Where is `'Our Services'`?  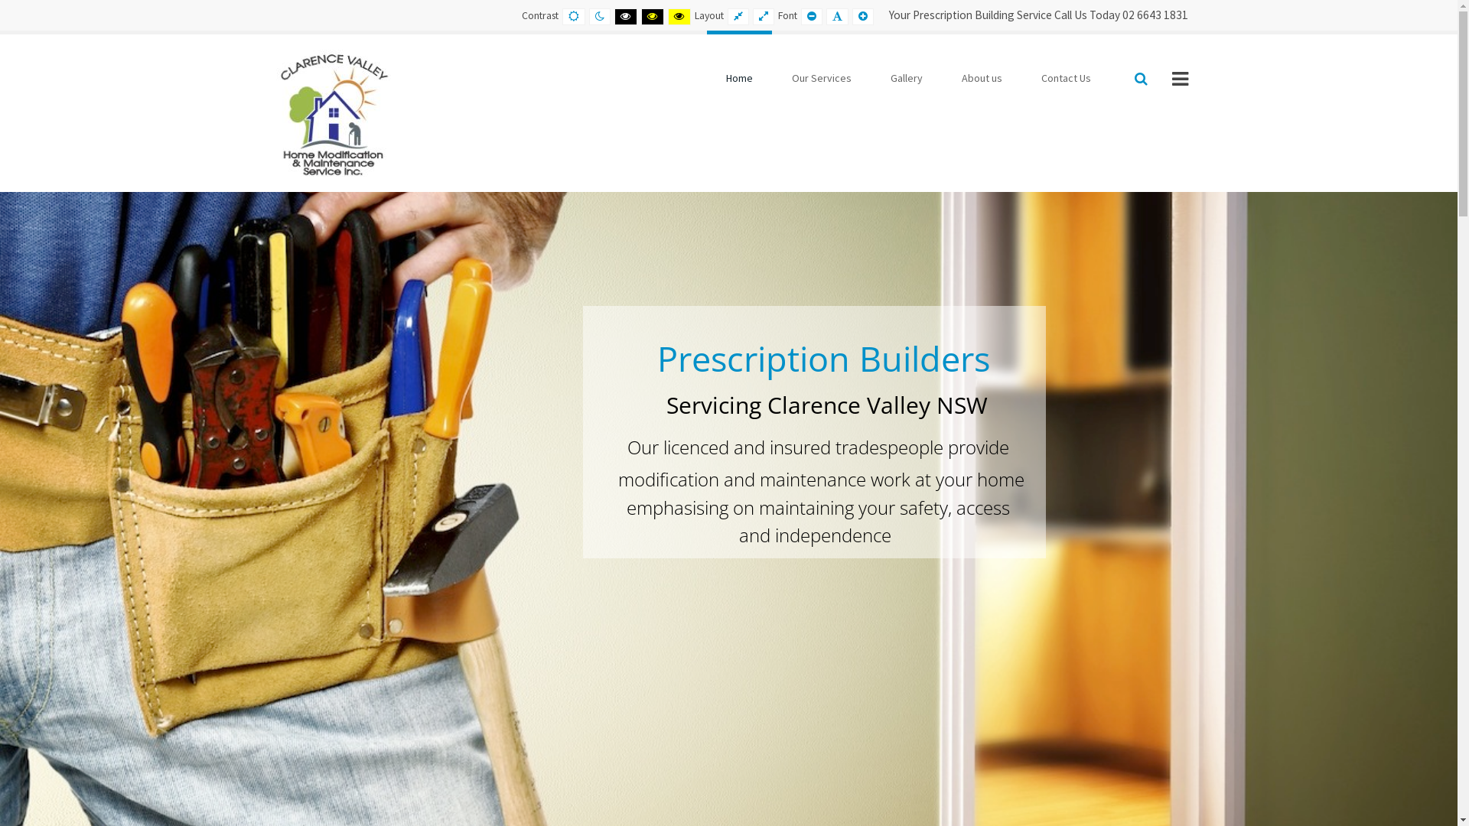
'Our Services' is located at coordinates (821, 78).